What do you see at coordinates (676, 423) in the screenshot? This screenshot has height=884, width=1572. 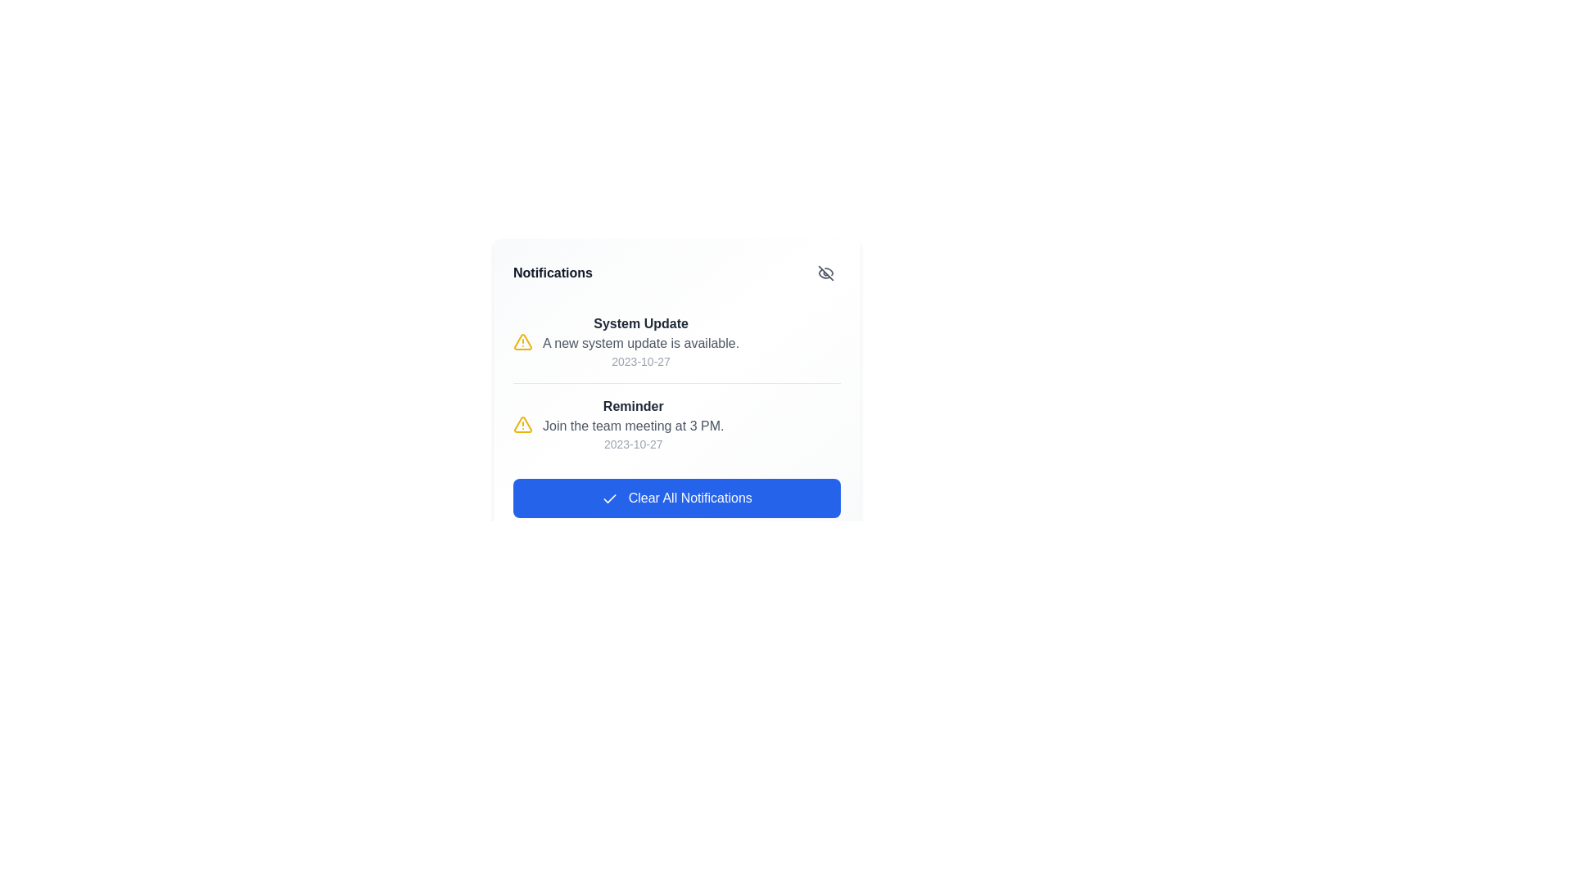 I see `reminder text from the notification entry titled 'Reminder' which includes the message 'Join the team meeting at 3 PM.'` at bounding box center [676, 423].